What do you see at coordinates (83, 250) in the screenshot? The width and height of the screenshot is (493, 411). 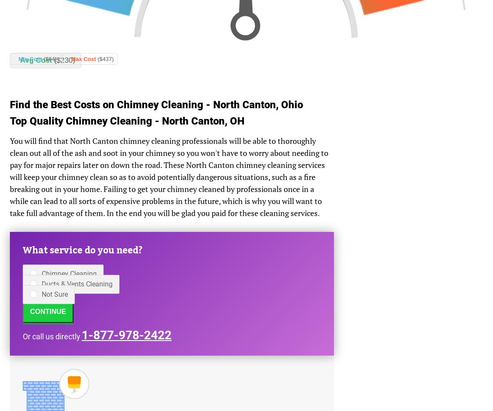 I see `'What service do you need?'` at bounding box center [83, 250].